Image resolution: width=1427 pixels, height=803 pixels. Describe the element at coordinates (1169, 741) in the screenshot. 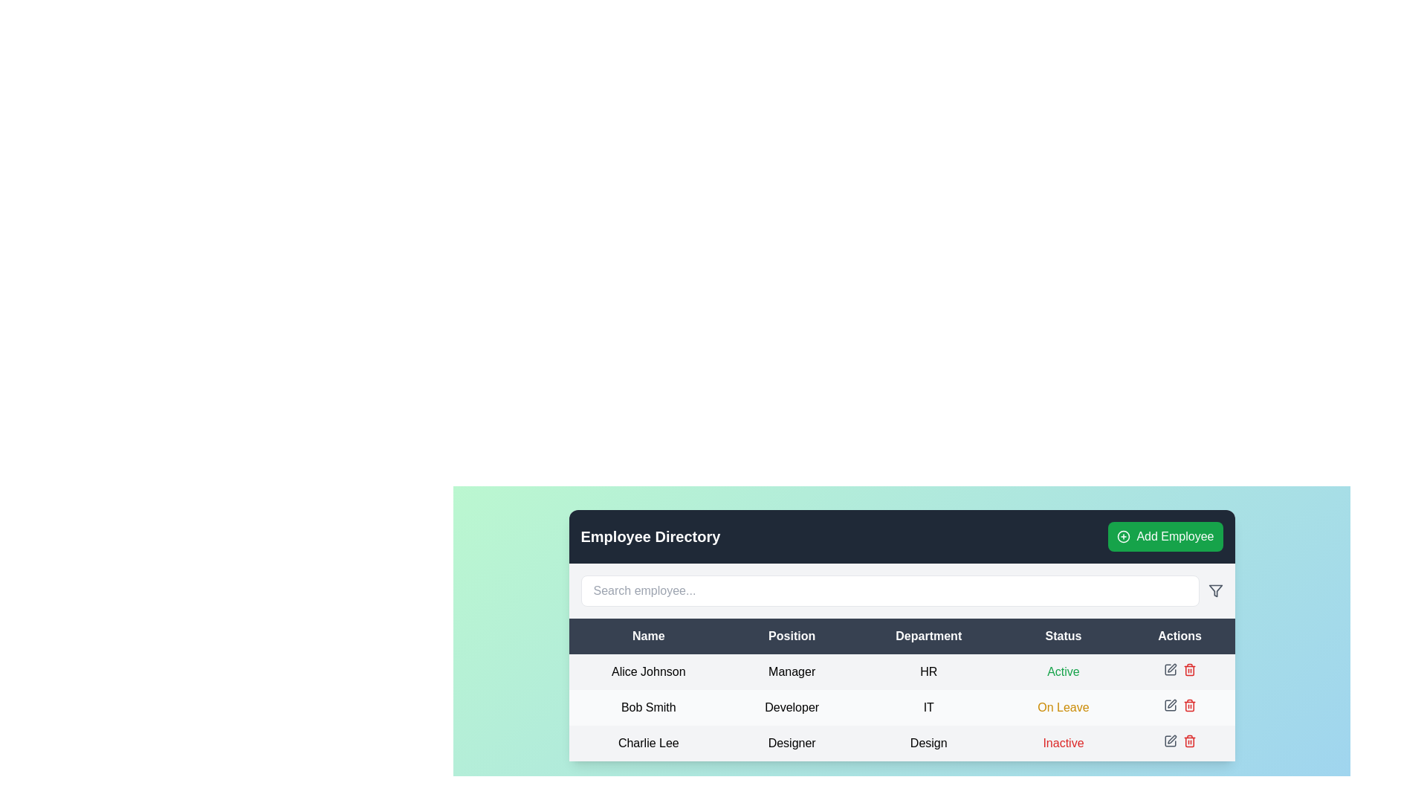

I see `the edit icon button represented by a pen symbol in the actions column of the last row for user 'Charlie Lee' by` at that location.